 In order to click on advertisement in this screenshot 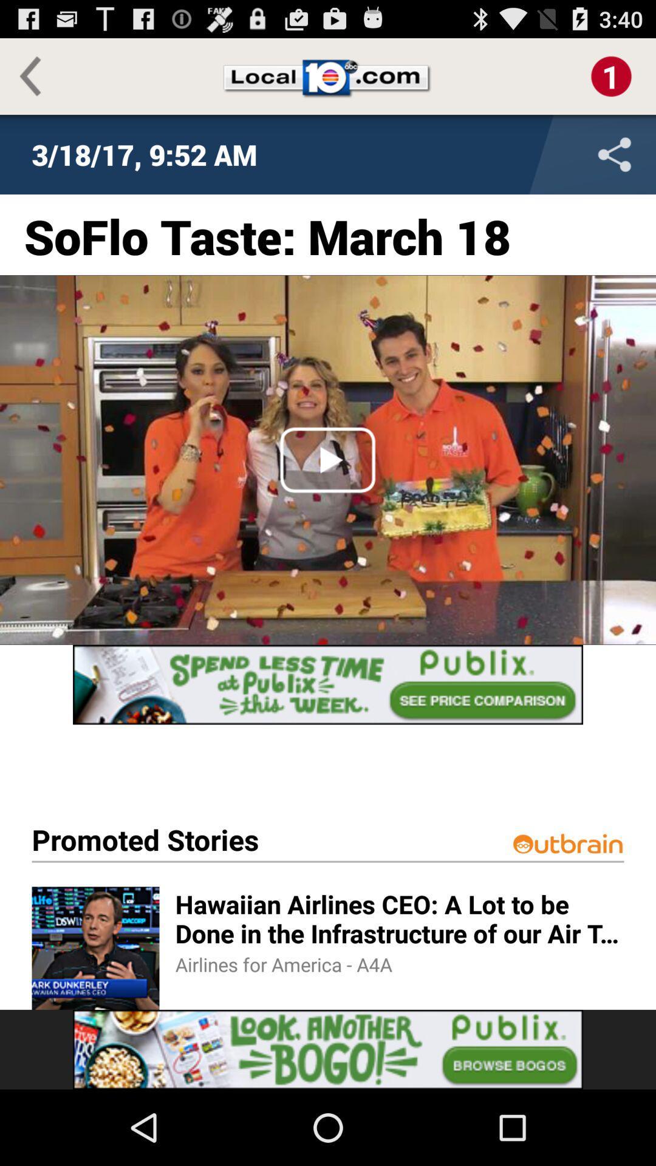, I will do `click(328, 1049)`.